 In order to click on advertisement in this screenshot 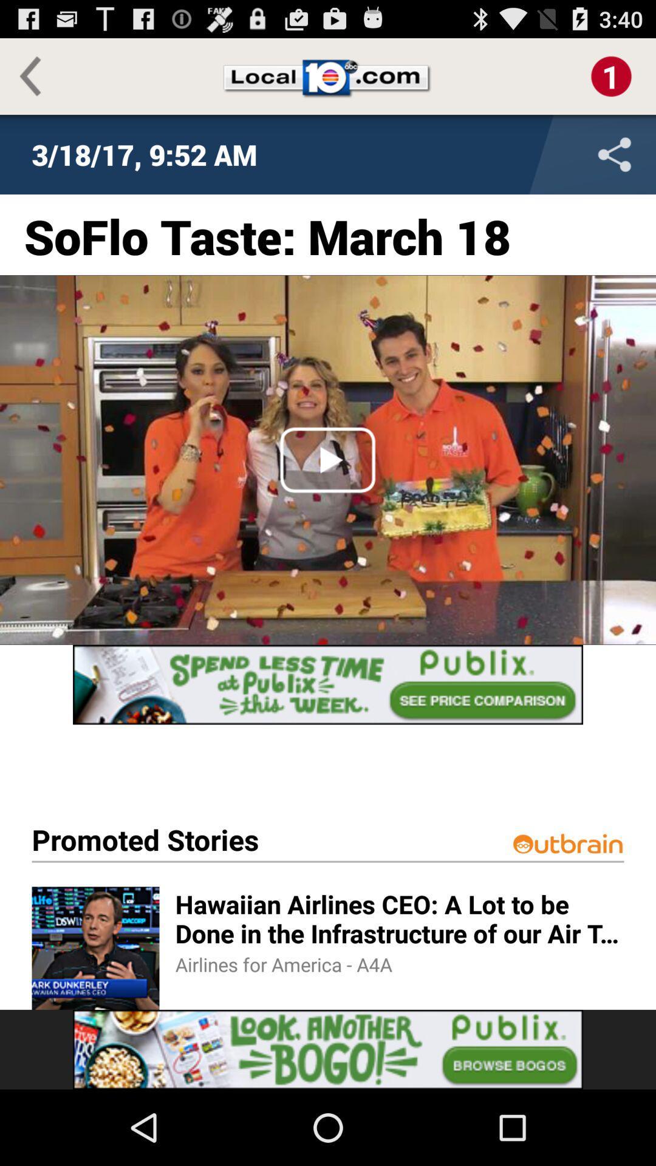, I will do `click(328, 1049)`.